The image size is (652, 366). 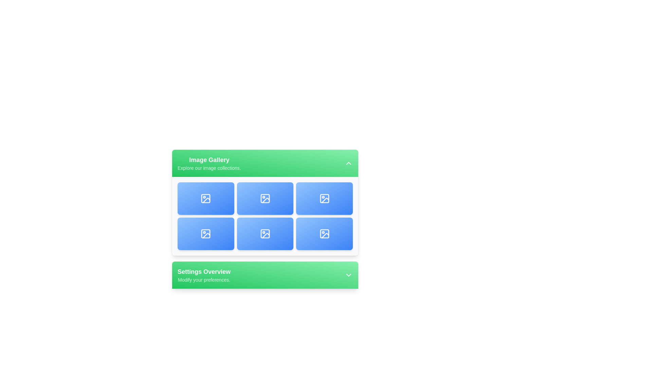 What do you see at coordinates (203, 280) in the screenshot?
I see `the informational text label located in the 'Settings Overview' section, positioned below the section heading` at bounding box center [203, 280].